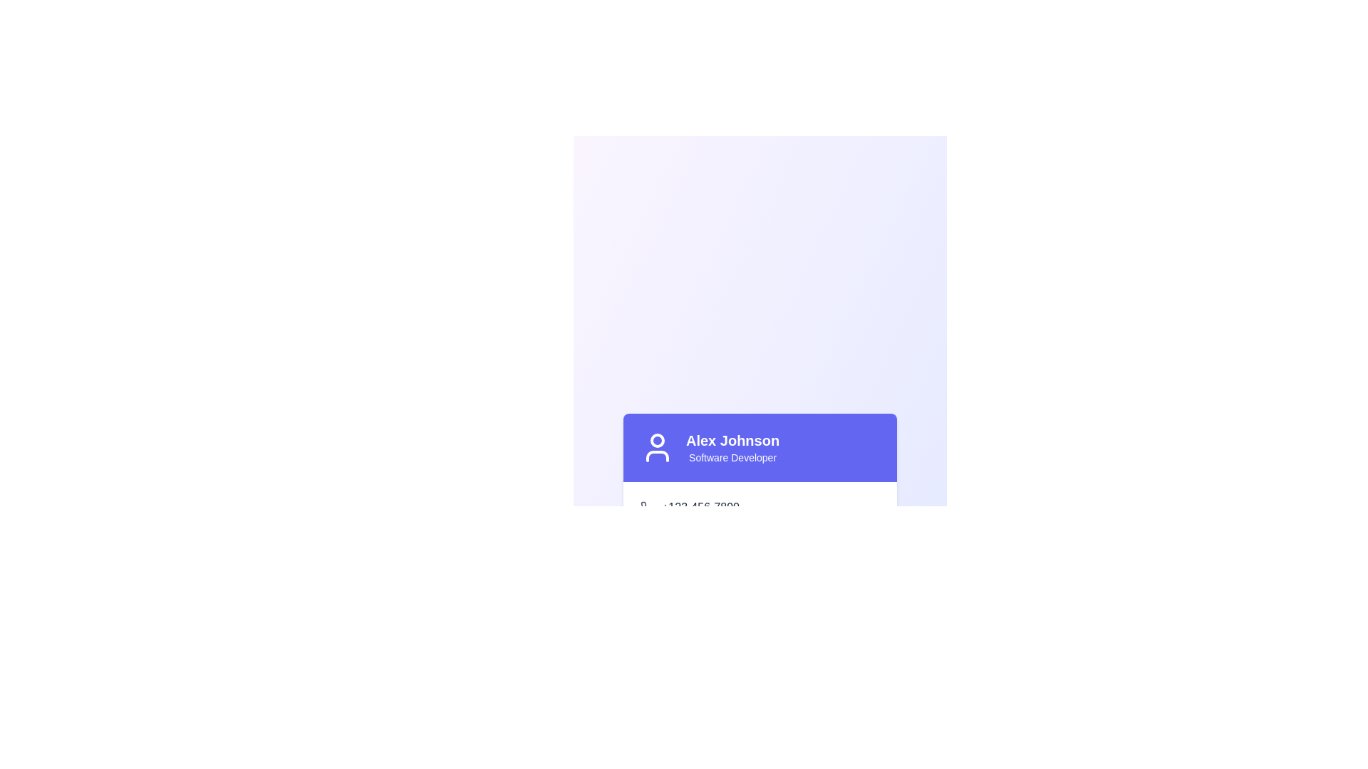 Image resolution: width=1368 pixels, height=769 pixels. What do you see at coordinates (656, 439) in the screenshot?
I see `the small circular decorative graphic element that represents the head in the user avatar icon, located at the upper center part of the avatar` at bounding box center [656, 439].